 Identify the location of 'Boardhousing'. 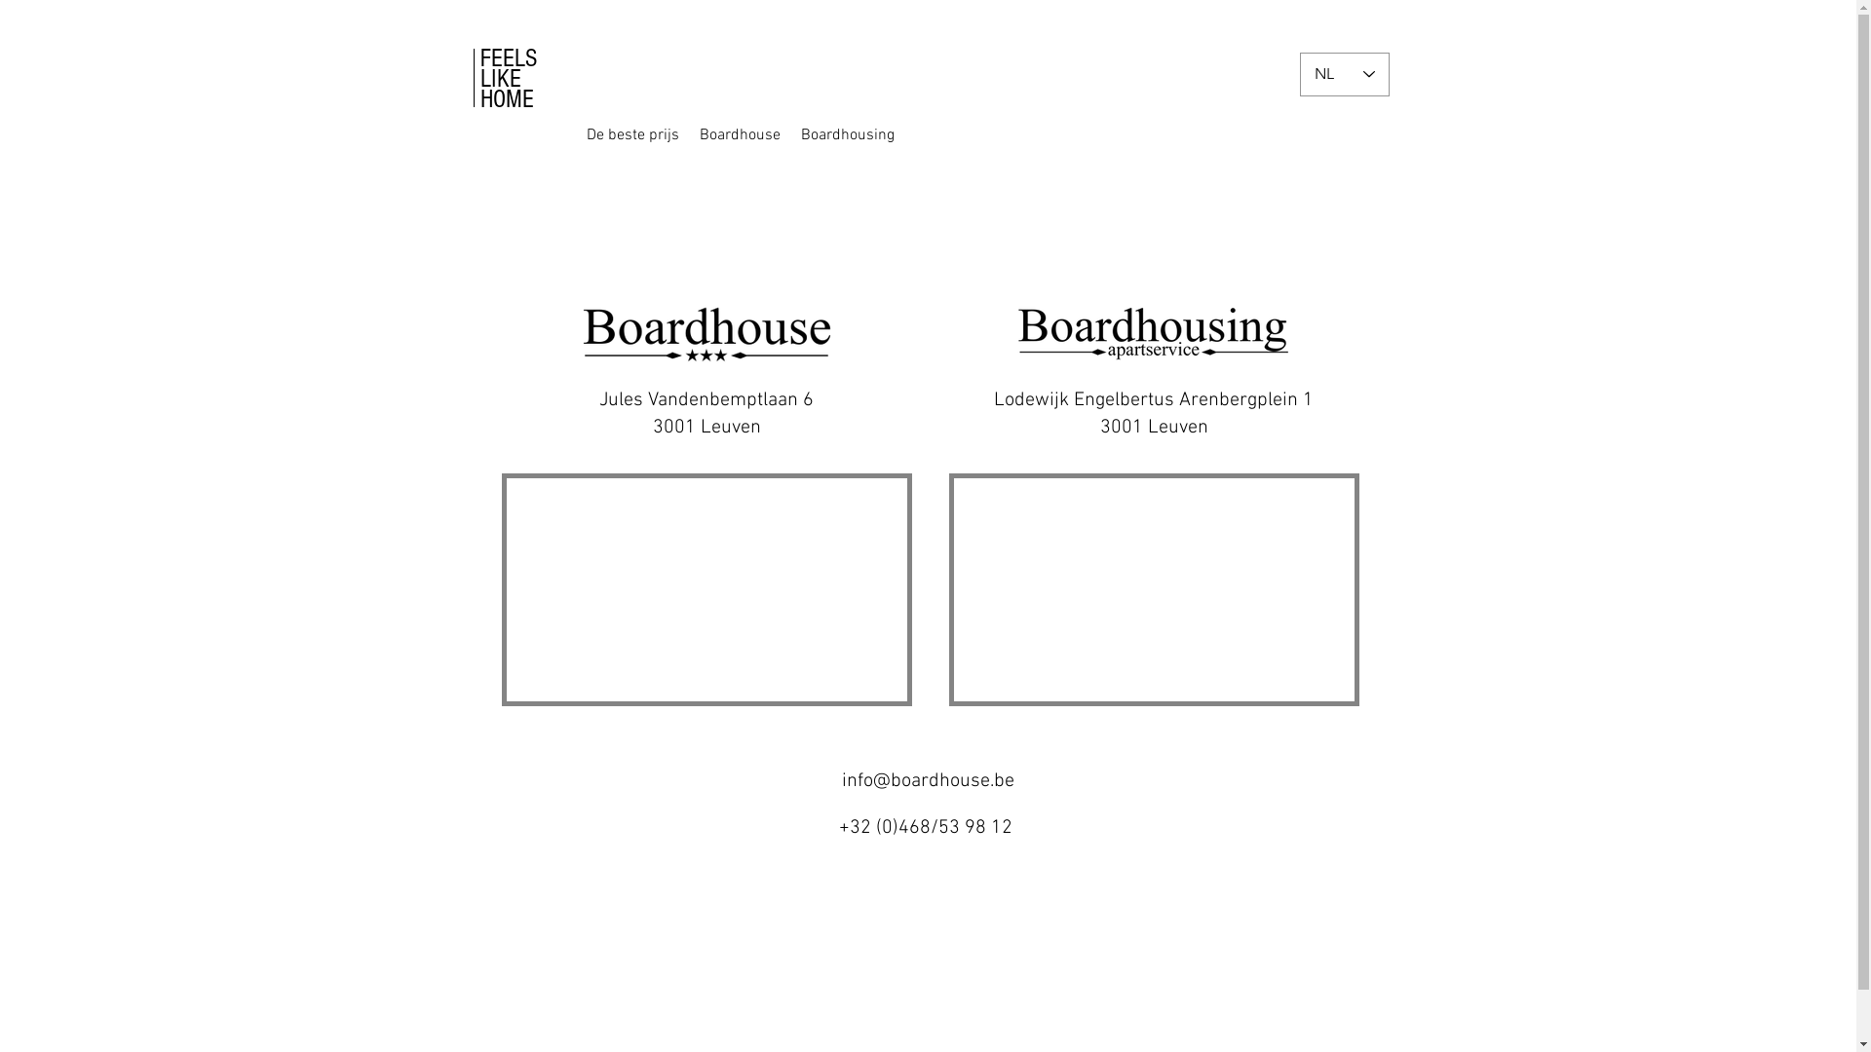
(867, 133).